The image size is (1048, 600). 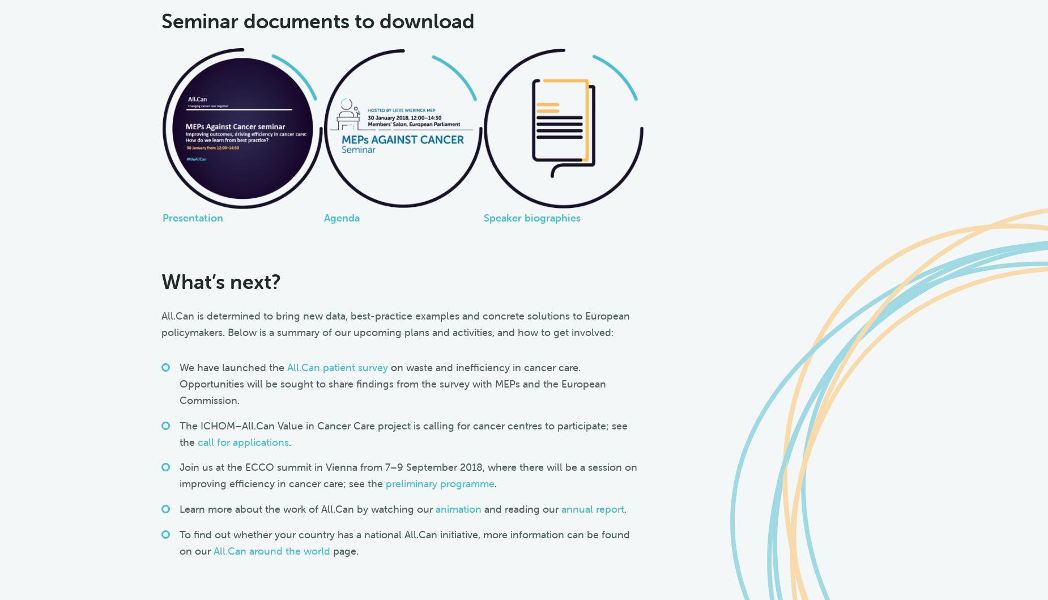 I want to click on 'page.', so click(x=343, y=550).